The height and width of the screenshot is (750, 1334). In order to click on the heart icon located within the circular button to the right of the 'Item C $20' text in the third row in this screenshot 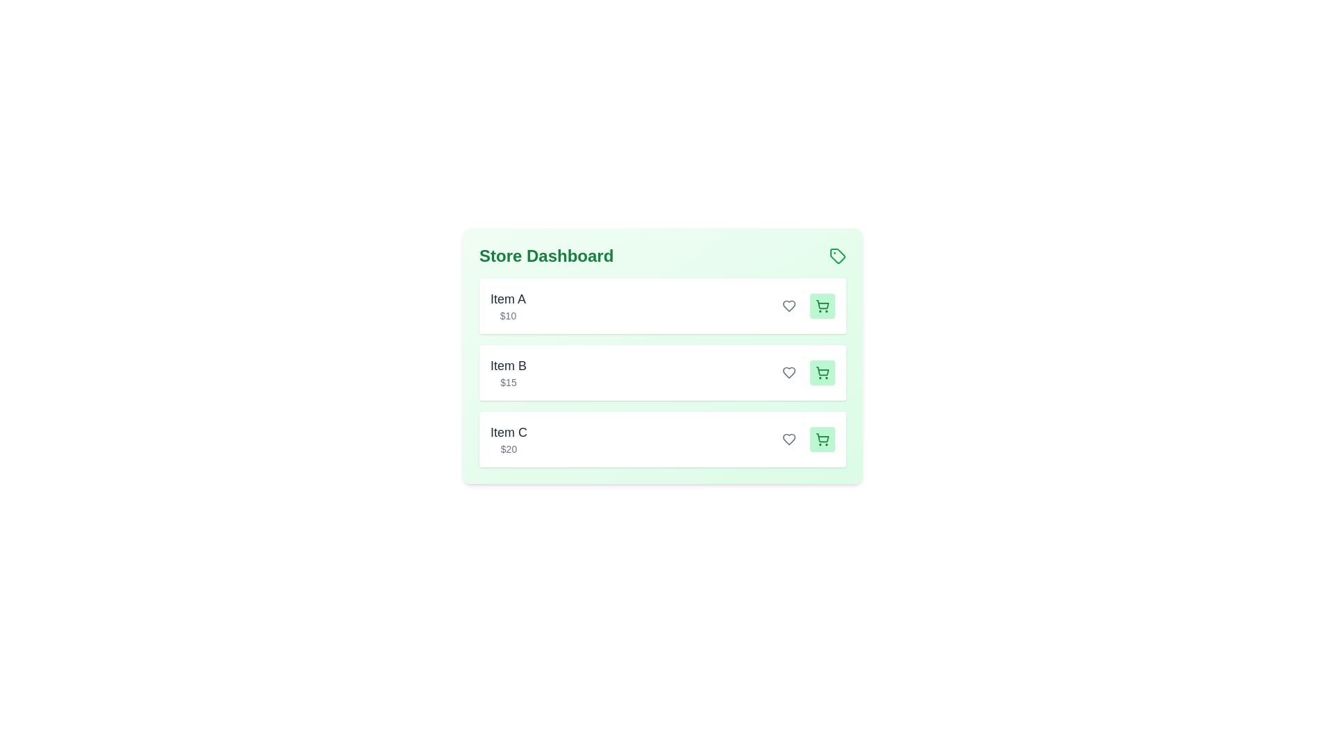, I will do `click(789, 439)`.